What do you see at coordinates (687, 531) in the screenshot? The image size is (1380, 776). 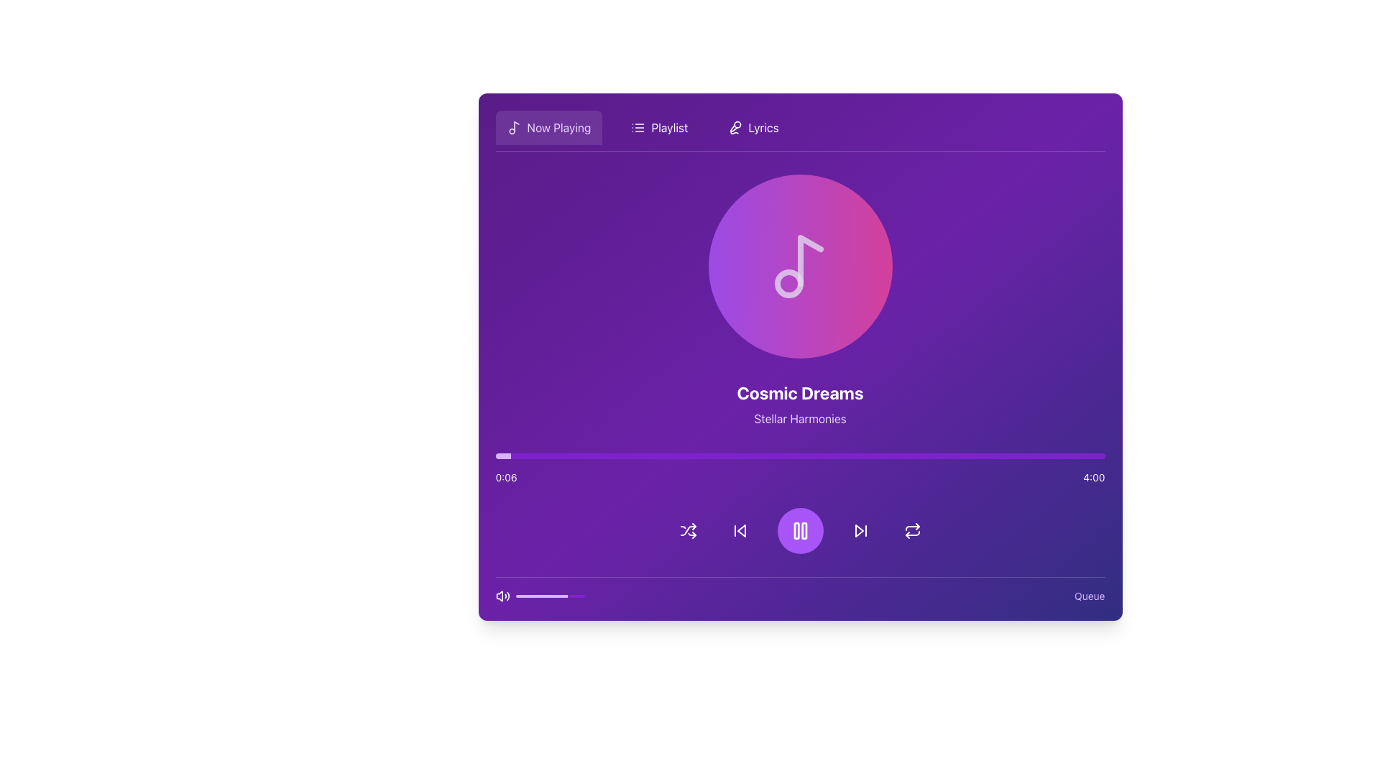 I see `the shuffle icon button, which is the leftmost element in the playback control section of the music interface` at bounding box center [687, 531].